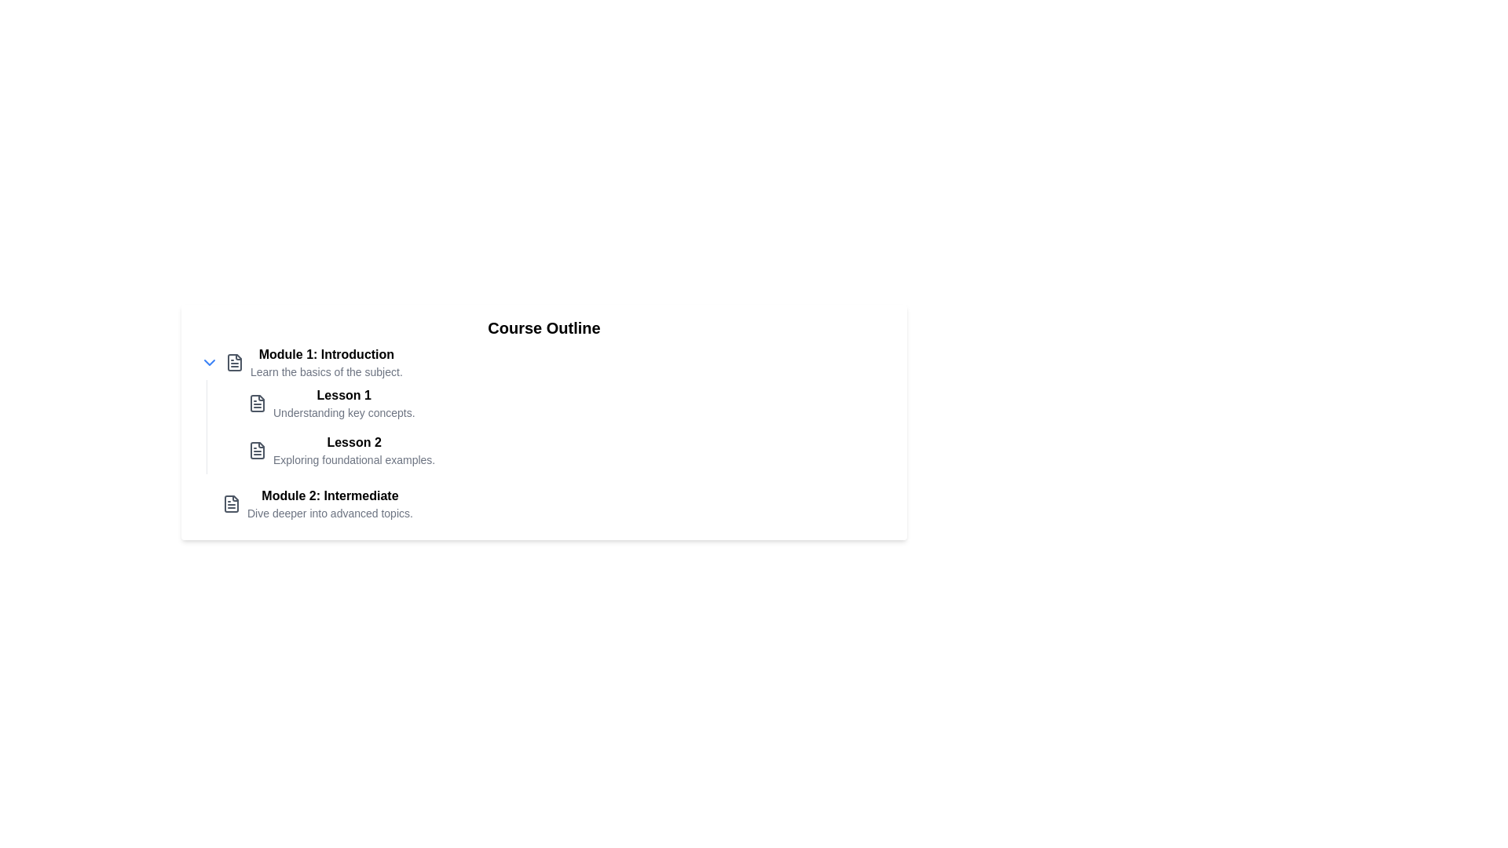 This screenshot has width=1508, height=848. What do you see at coordinates (325, 372) in the screenshot?
I see `descriptive text label providing an overview of 'Module 1: Introduction' located directly underneath the bolded title in the leftmost column of the course outline layout` at bounding box center [325, 372].